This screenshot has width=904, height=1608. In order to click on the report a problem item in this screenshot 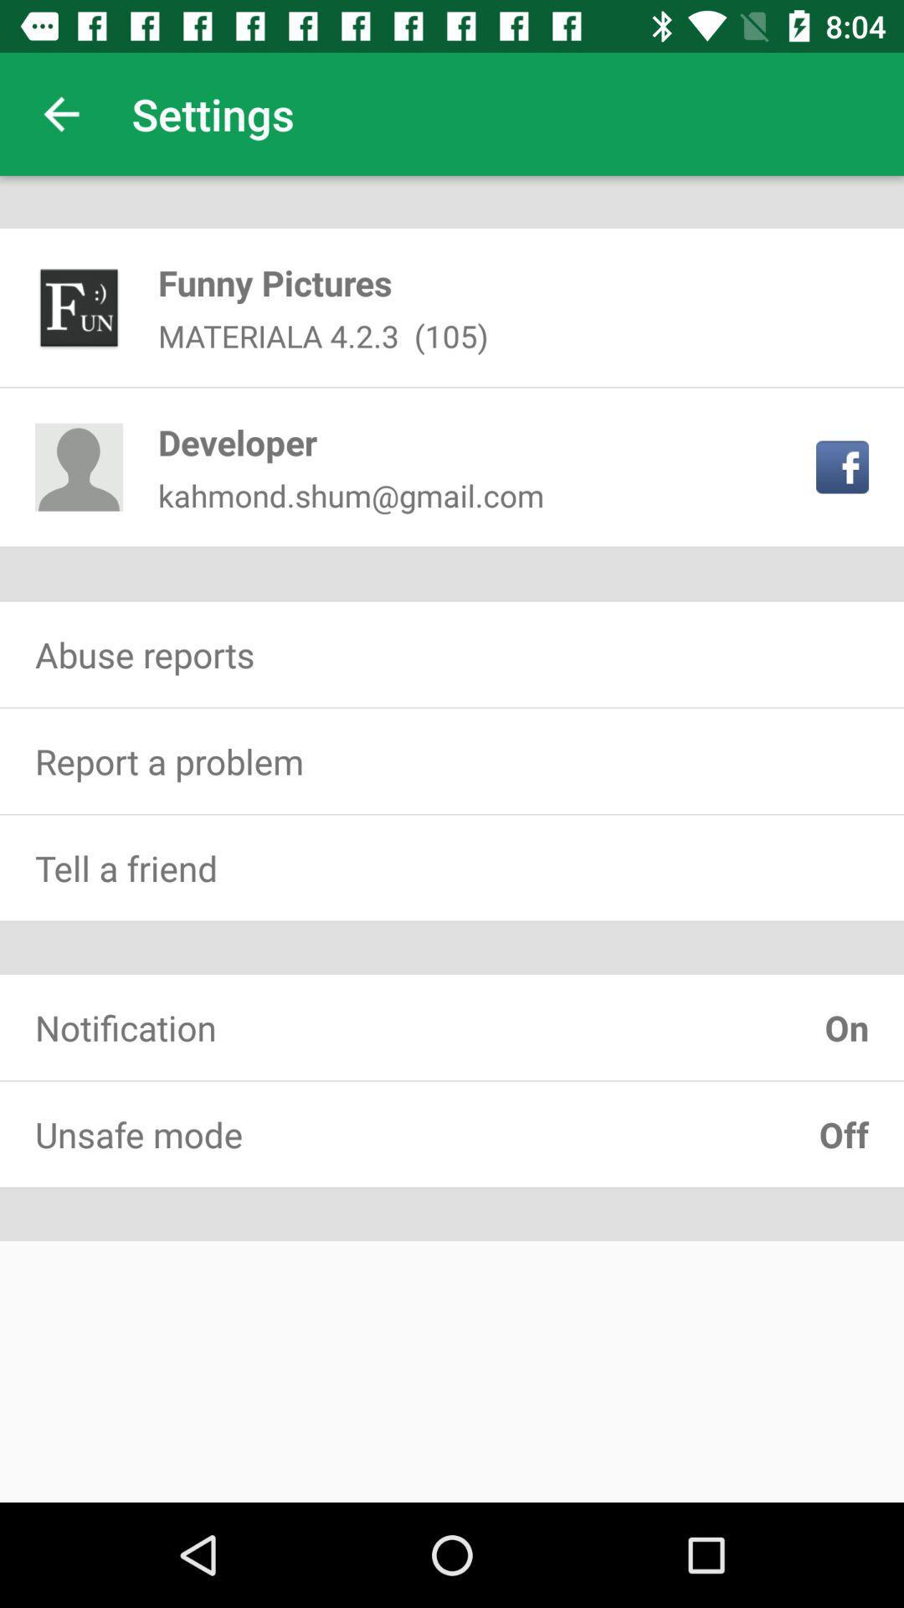, I will do `click(452, 760)`.